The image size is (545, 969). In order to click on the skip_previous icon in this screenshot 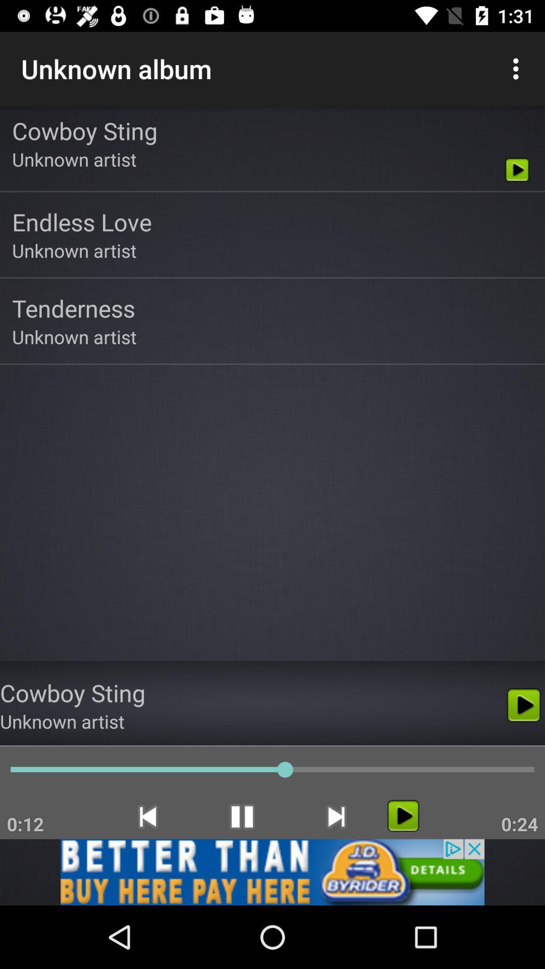, I will do `click(147, 817)`.